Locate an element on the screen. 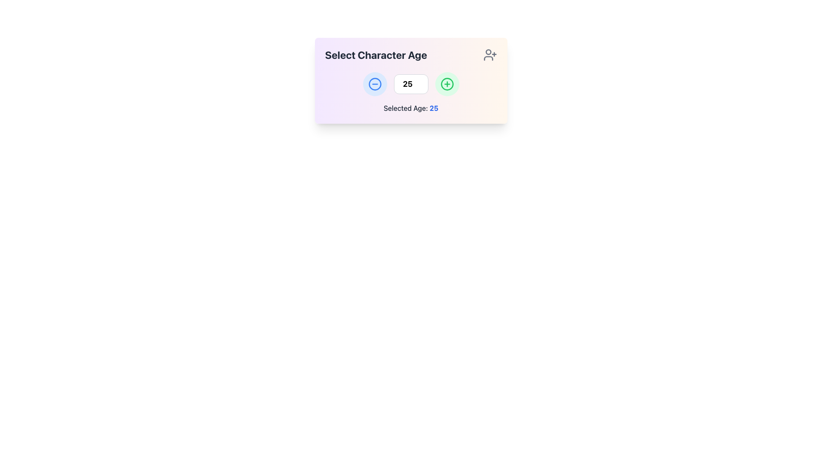  the number input field to focus and edit its value, which is centrally located between the increment and decrement buttons is located at coordinates (410, 84).